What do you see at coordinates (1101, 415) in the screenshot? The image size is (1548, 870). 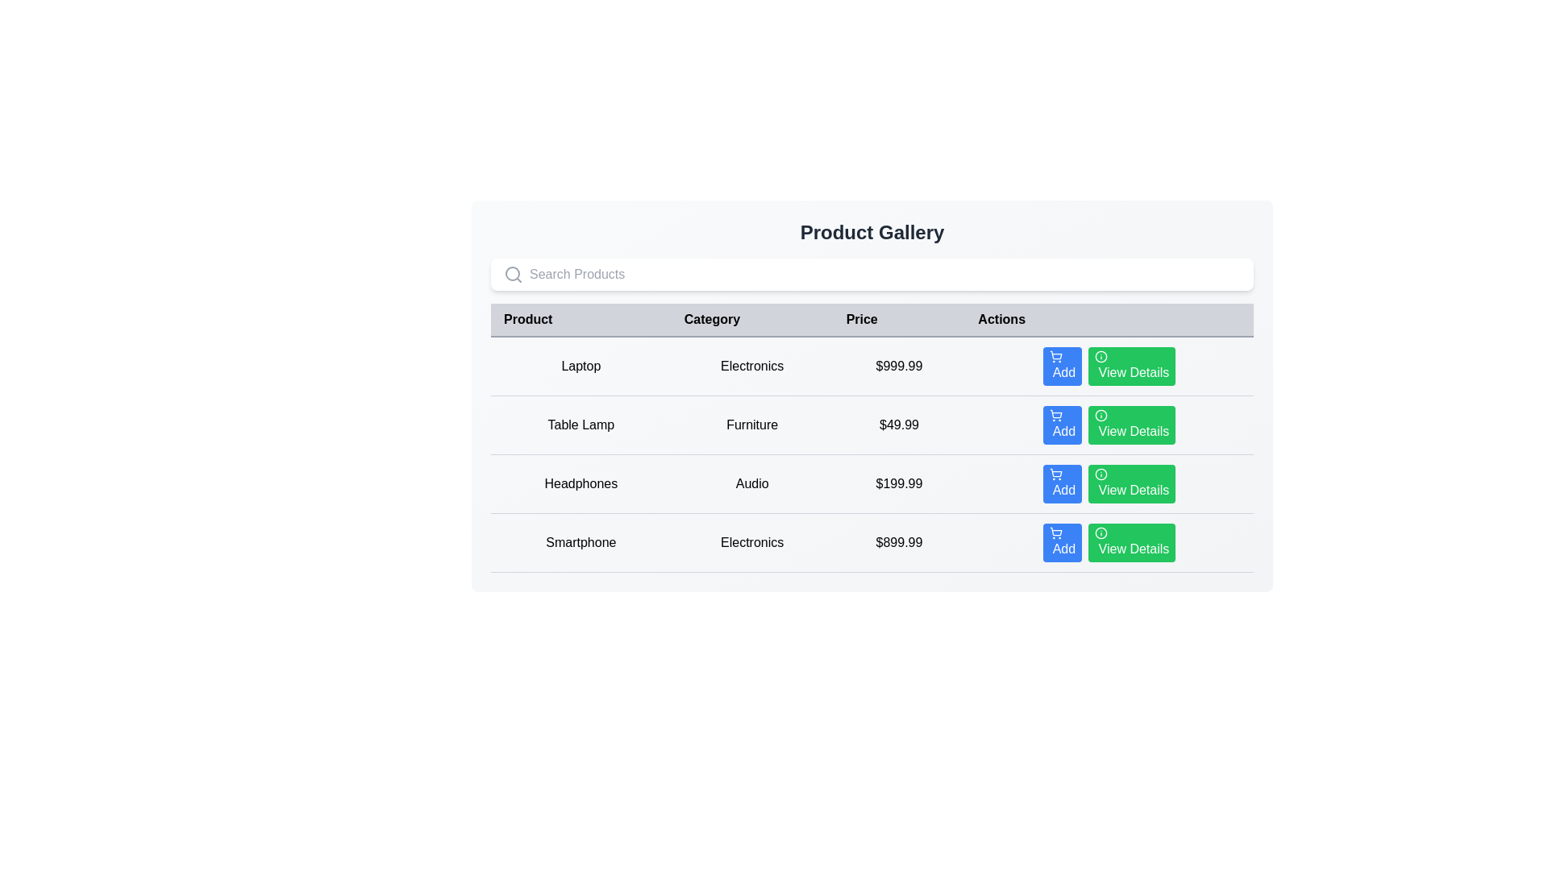 I see `the informational SVG Icon located to the left of the 'View Details' text label in the 'Actions' column of the second row for the 'Table Lamp' product` at bounding box center [1101, 415].